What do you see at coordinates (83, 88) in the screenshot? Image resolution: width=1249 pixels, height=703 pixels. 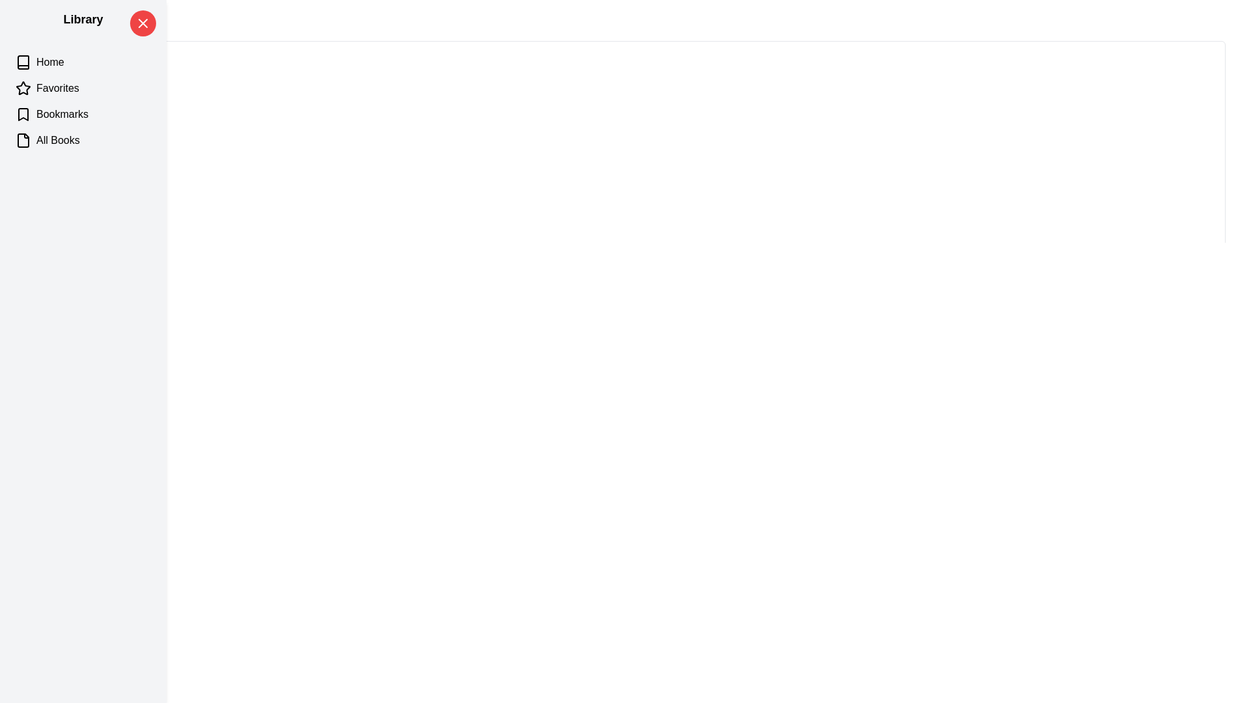 I see `the category Favorites in the drawer` at bounding box center [83, 88].